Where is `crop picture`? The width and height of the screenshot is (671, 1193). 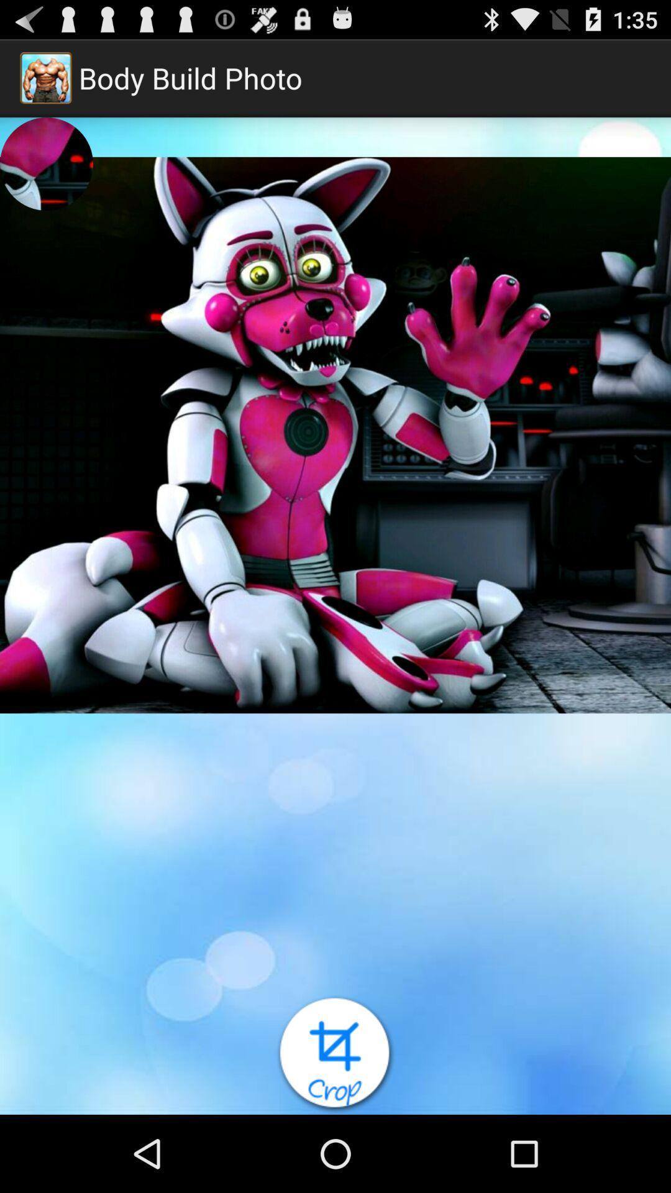
crop picture is located at coordinates (335, 1054).